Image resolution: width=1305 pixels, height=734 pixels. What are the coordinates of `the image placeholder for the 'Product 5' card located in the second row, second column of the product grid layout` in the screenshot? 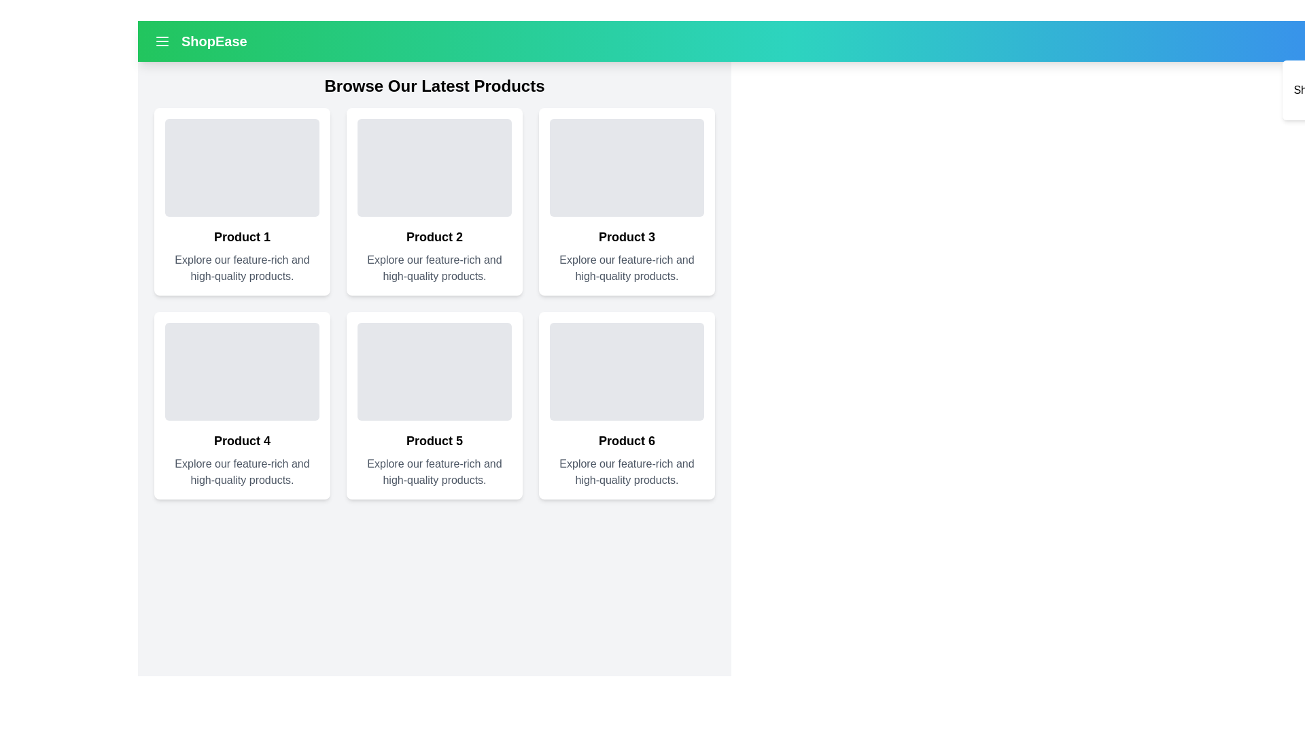 It's located at (434, 372).